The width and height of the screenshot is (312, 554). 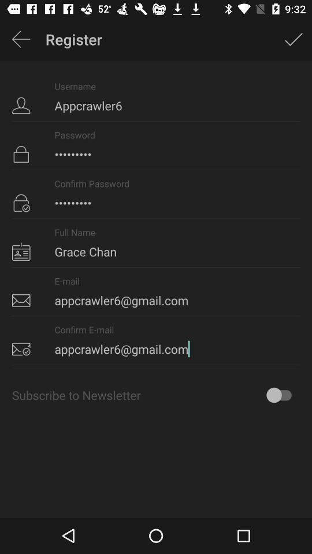 What do you see at coordinates (21, 39) in the screenshot?
I see `item next to the register icon` at bounding box center [21, 39].